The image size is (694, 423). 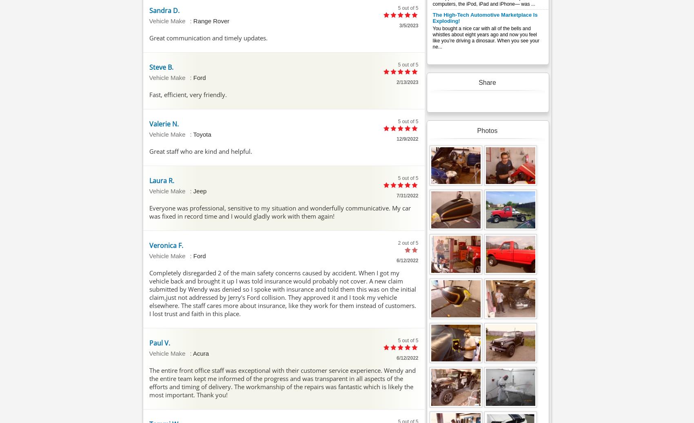 I want to click on 'Veronica F.', so click(x=165, y=245).